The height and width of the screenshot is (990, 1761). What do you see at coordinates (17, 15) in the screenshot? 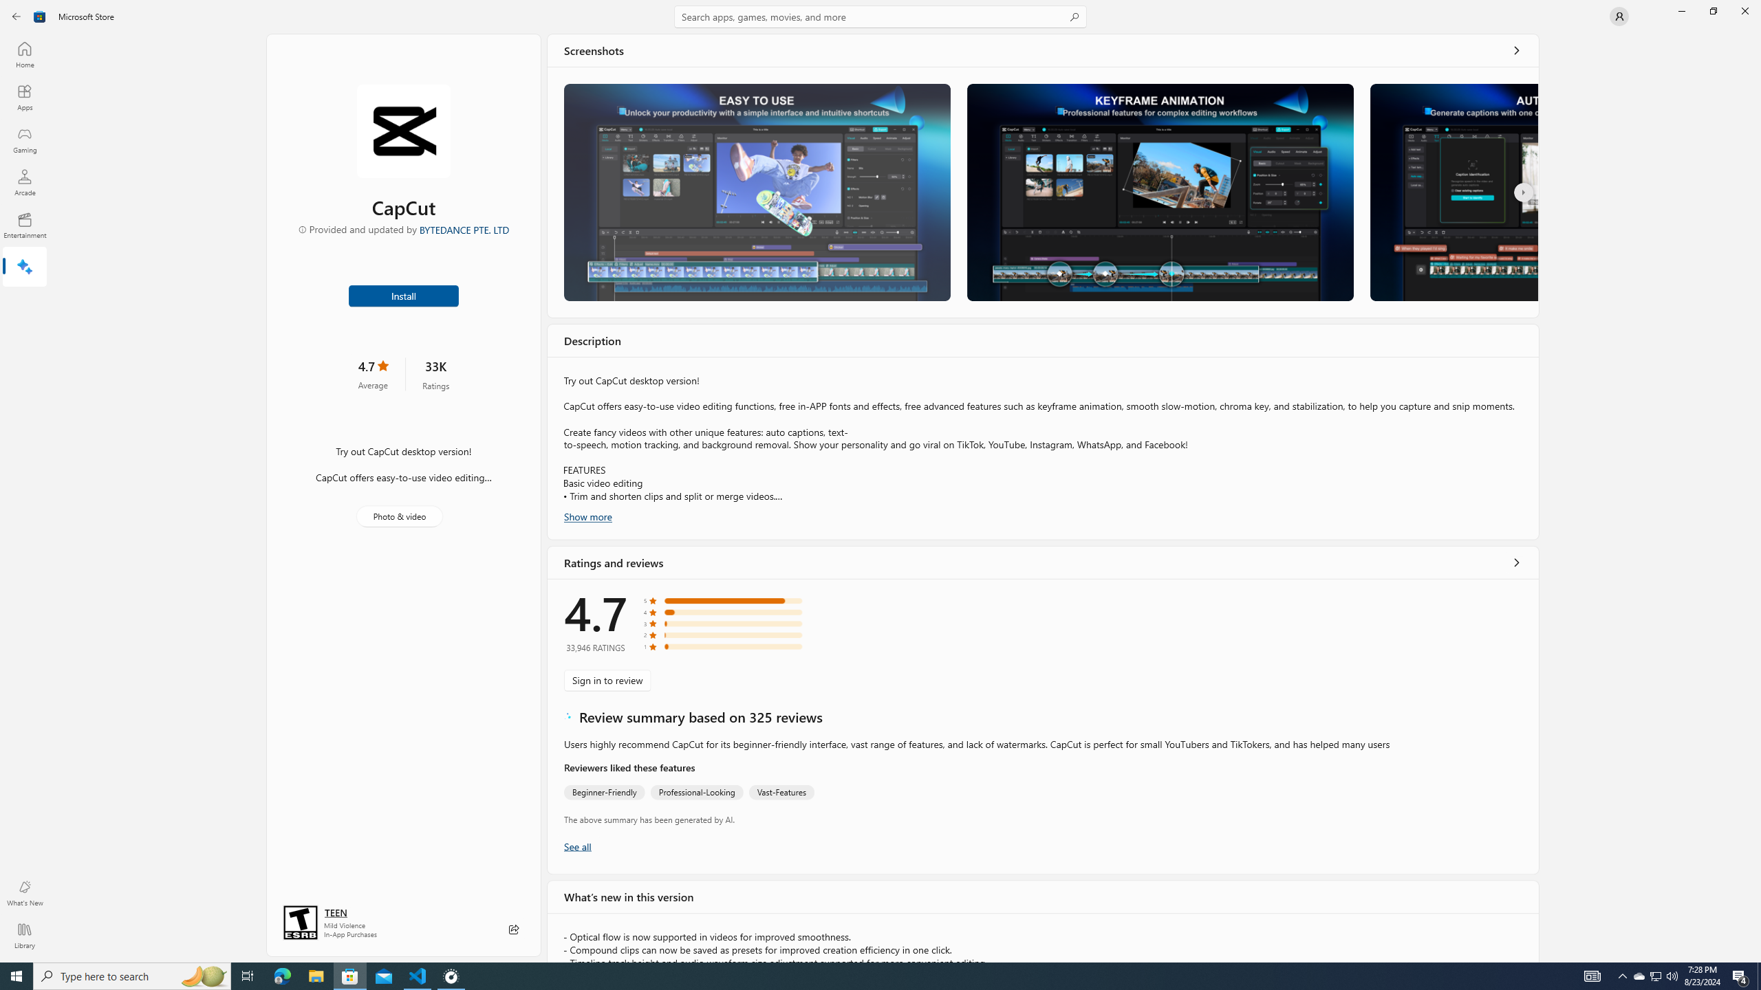
I see `'Back'` at bounding box center [17, 15].